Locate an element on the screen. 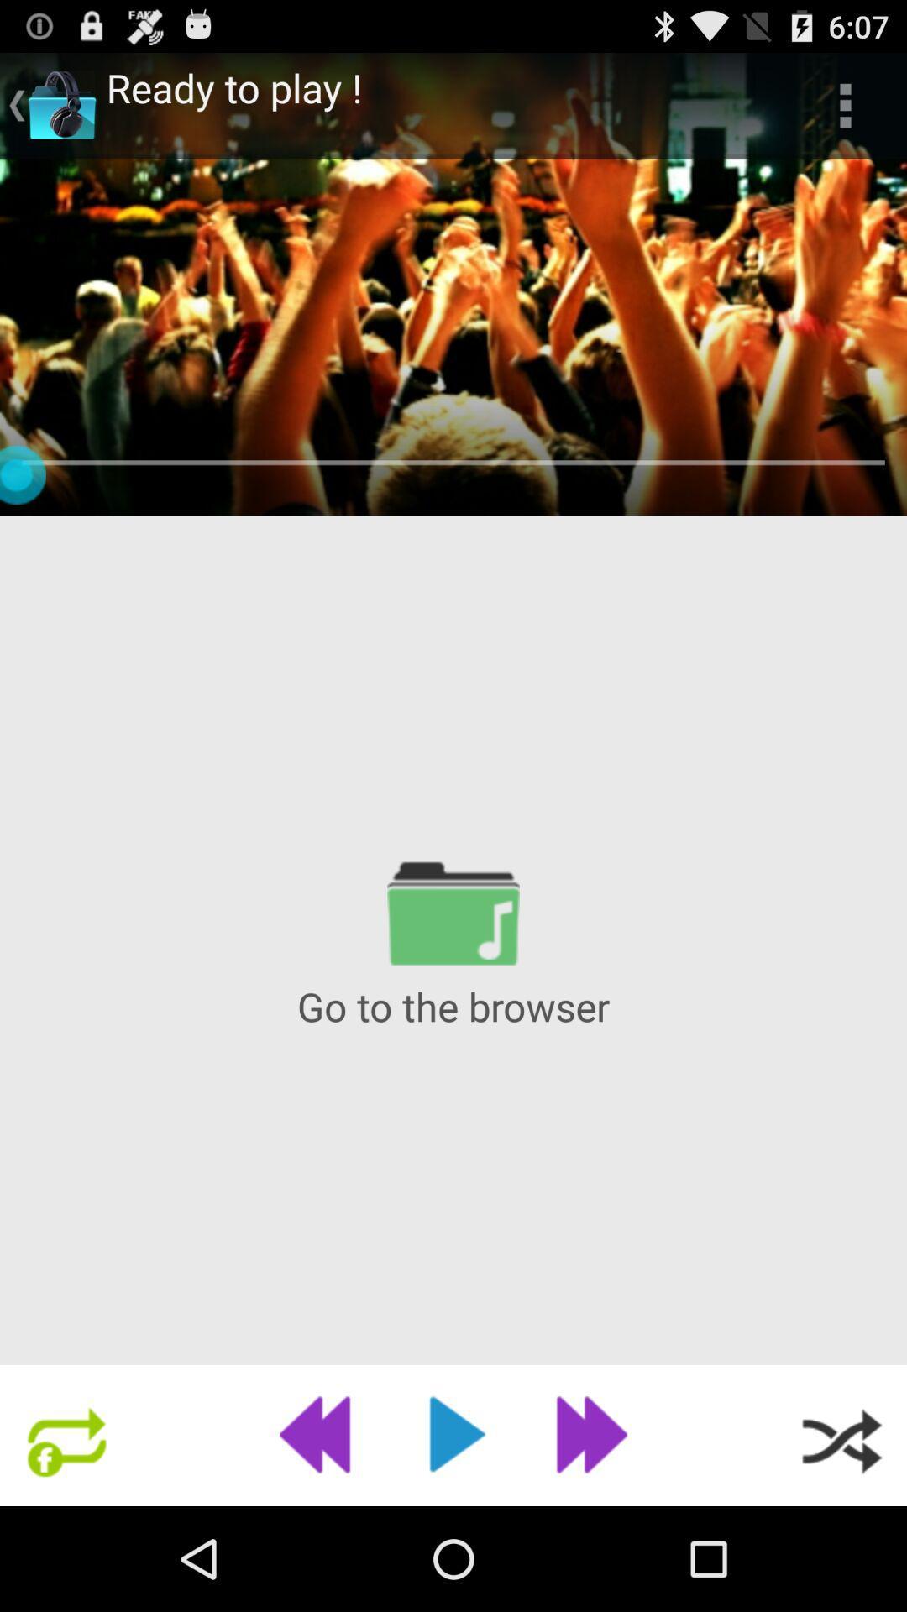  the folder icon is located at coordinates (453, 977).